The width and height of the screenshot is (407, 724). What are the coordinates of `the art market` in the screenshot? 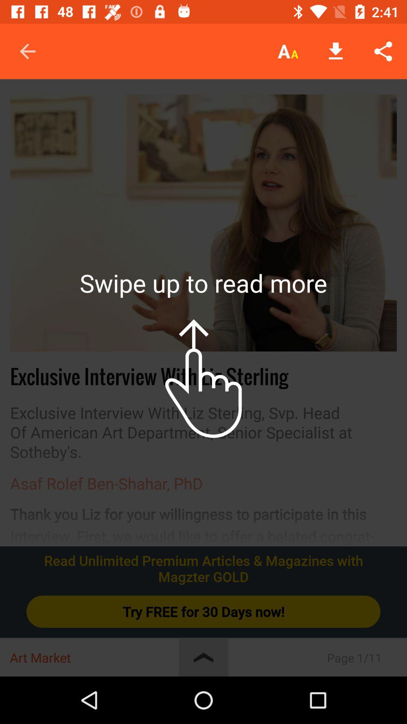 It's located at (94, 657).